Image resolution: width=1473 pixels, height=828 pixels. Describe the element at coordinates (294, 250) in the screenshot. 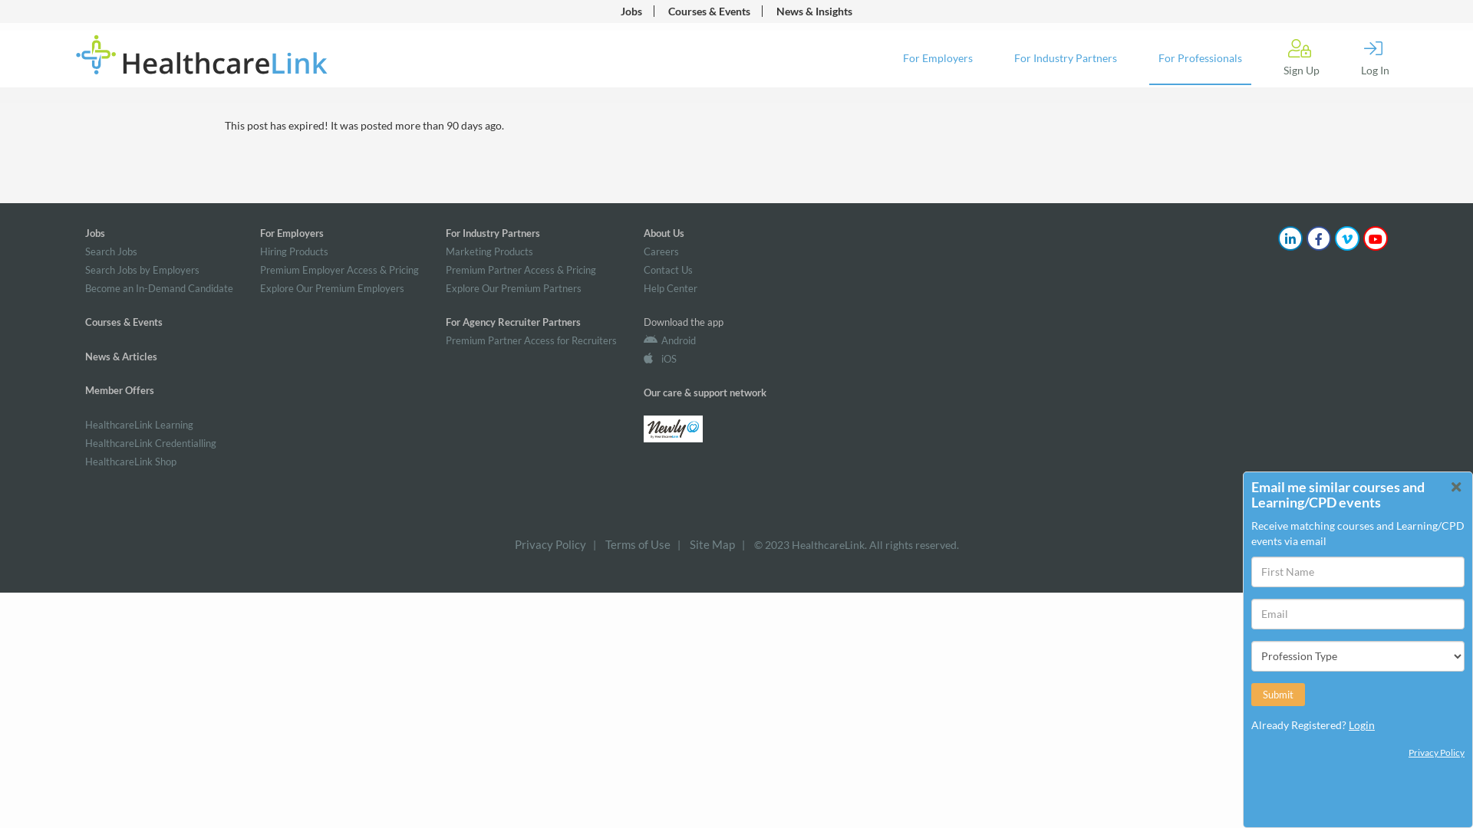

I see `'Hiring Products'` at that location.